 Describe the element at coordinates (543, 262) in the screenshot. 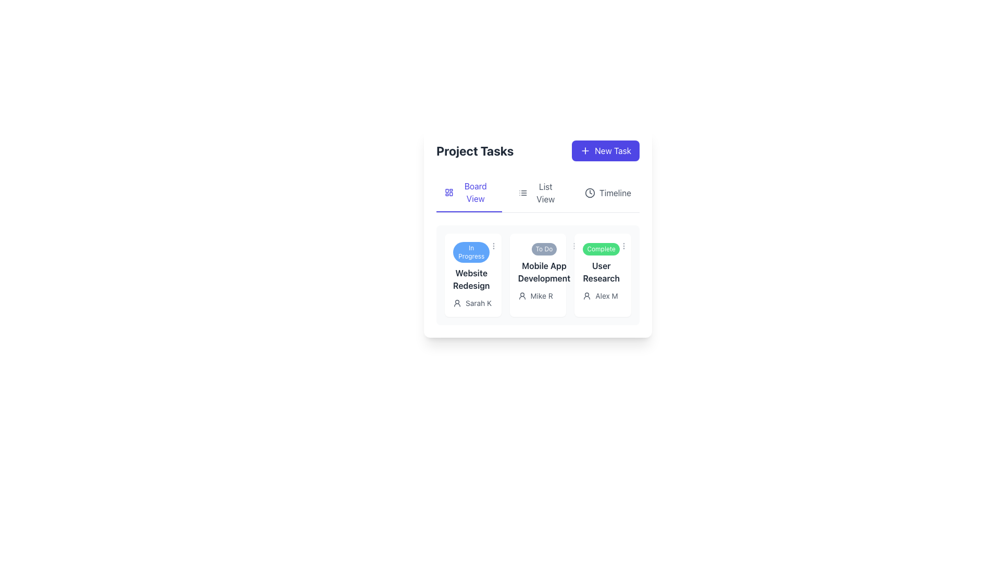

I see `the task card titled 'Mobile App Development' with status 'To Do'` at that location.